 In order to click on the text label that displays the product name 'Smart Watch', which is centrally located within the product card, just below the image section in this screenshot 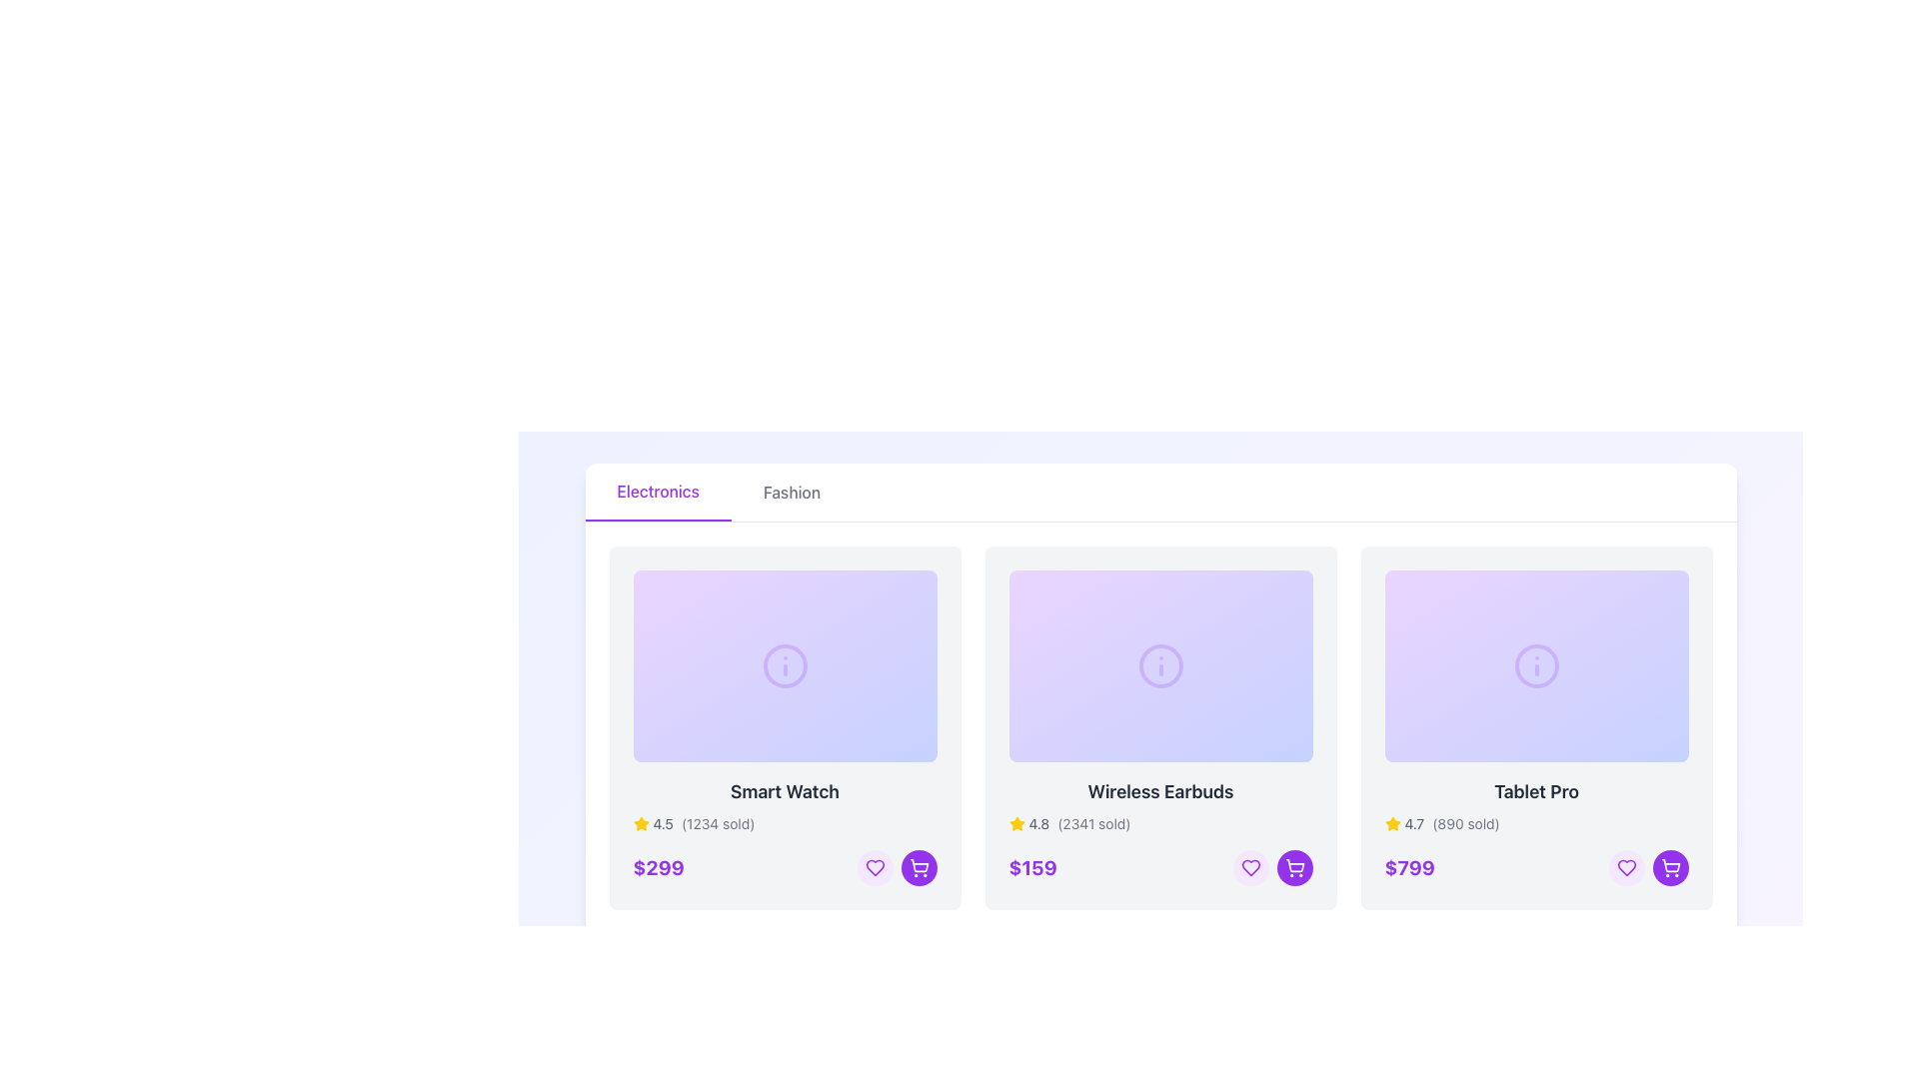, I will do `click(784, 791)`.